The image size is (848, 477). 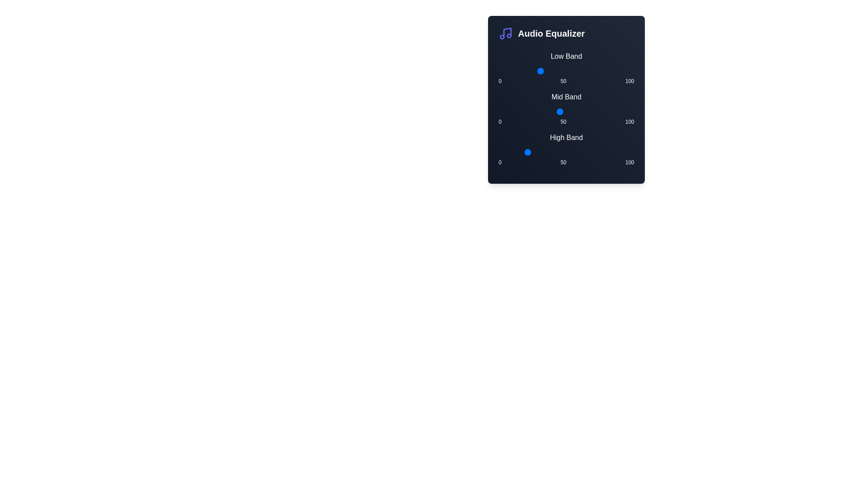 I want to click on the High Band slider to 23, so click(x=530, y=151).